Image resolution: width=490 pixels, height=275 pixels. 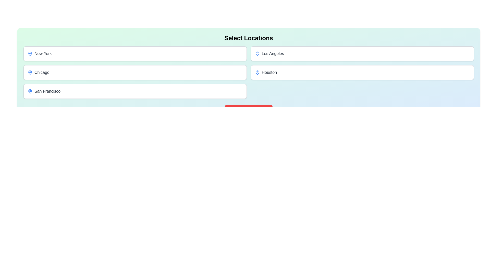 I want to click on the button corresponding to the location Chicago, so click(x=135, y=73).